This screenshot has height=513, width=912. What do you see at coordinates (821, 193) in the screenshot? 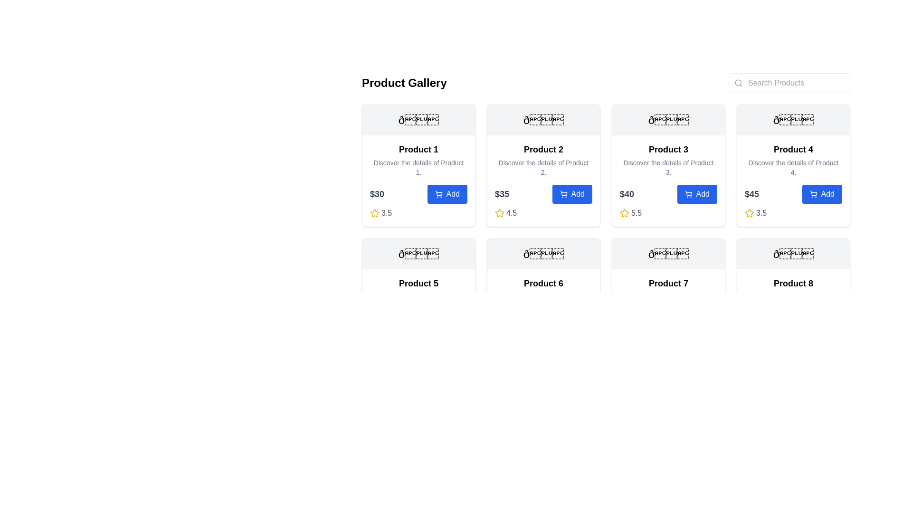
I see `the blue rectangular button labeled 'Add' with a shopping cart icon for keyboard interactions` at bounding box center [821, 193].